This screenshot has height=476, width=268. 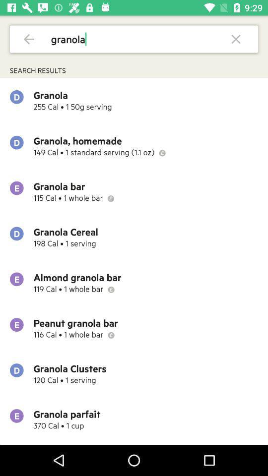 I want to click on the arrow_backward icon, so click(x=29, y=39).